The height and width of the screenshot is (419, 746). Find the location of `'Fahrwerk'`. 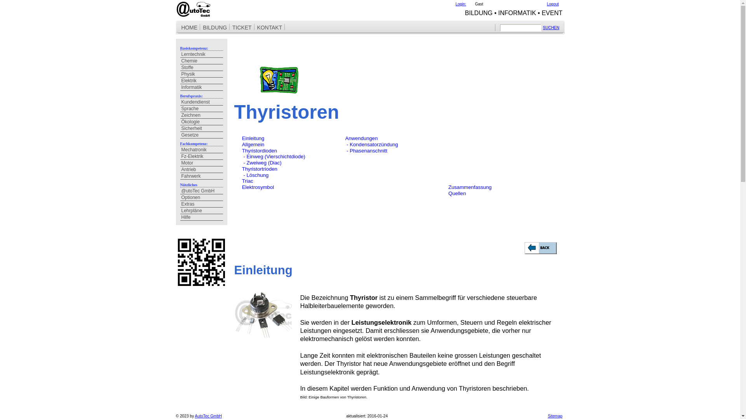

'Fahrwerk' is located at coordinates (201, 176).